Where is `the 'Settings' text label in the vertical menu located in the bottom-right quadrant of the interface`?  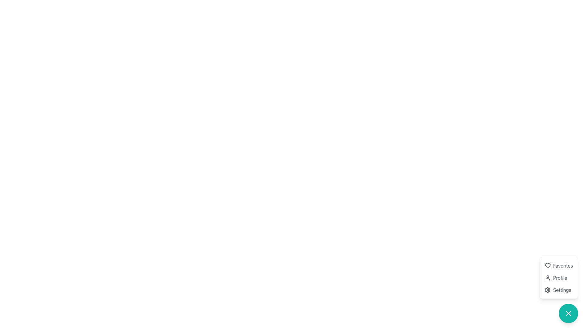 the 'Settings' text label in the vertical menu located in the bottom-right quadrant of the interface is located at coordinates (562, 290).